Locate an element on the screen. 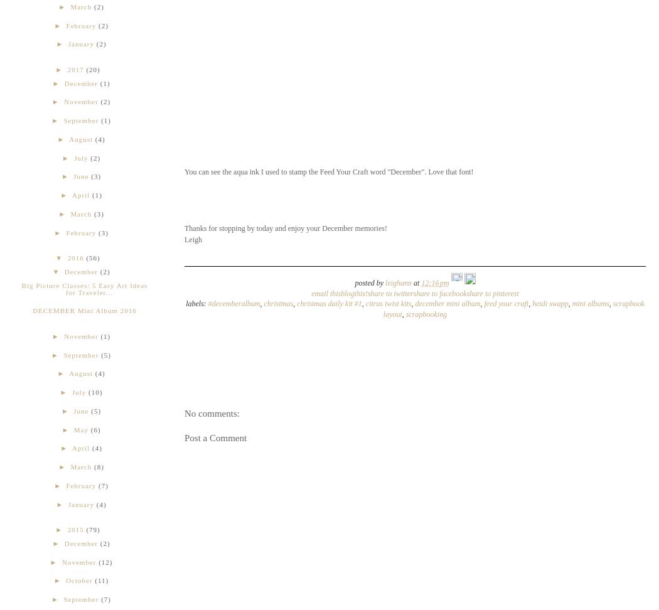  'Posted by' is located at coordinates (369, 282).